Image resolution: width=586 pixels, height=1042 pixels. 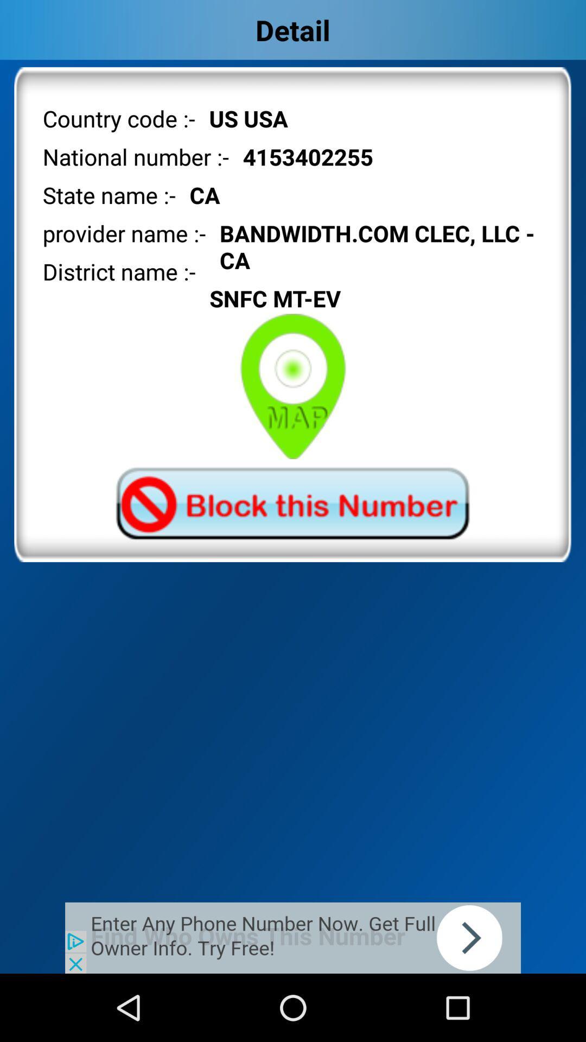 What do you see at coordinates (293, 937) in the screenshot?
I see `advertisement` at bounding box center [293, 937].